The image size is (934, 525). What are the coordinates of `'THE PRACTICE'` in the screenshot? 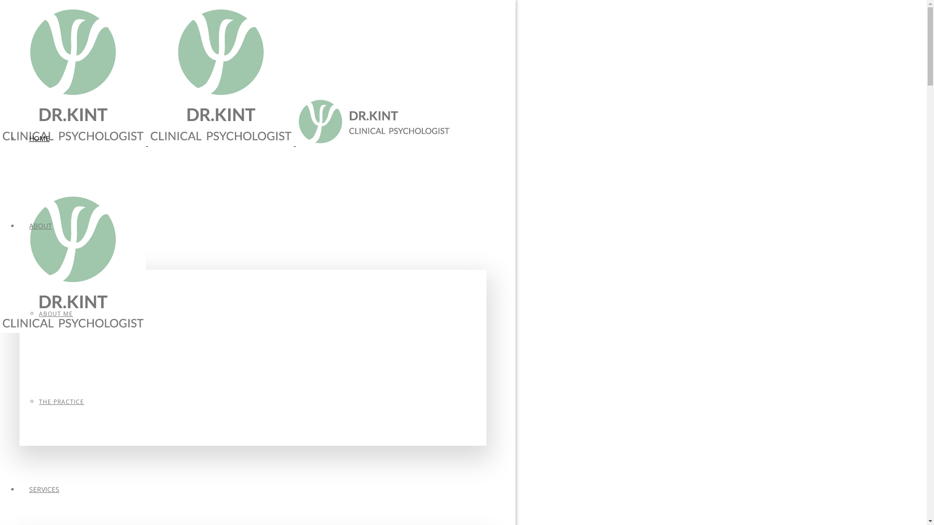 It's located at (61, 402).